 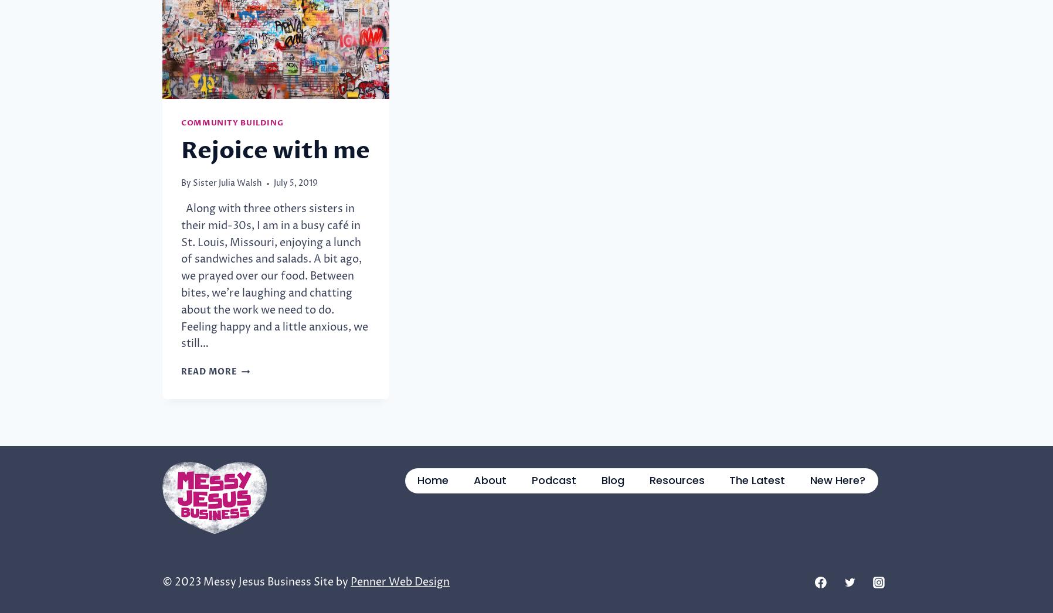 What do you see at coordinates (810, 479) in the screenshot?
I see `'New Here?'` at bounding box center [810, 479].